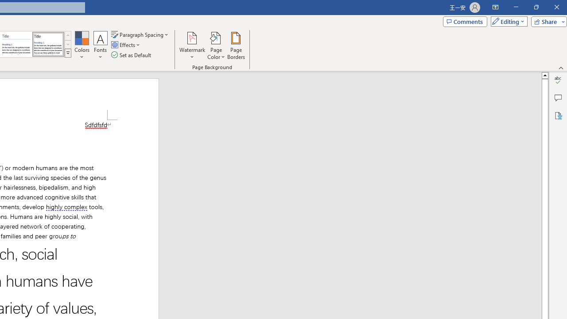  What do you see at coordinates (561, 67) in the screenshot?
I see `'Collapse the Ribbon'` at bounding box center [561, 67].